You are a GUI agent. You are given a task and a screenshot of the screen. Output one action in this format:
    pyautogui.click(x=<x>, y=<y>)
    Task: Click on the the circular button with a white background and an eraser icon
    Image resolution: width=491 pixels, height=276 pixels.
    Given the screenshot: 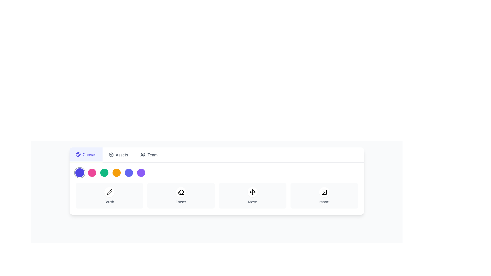 What is the action you would take?
    pyautogui.click(x=181, y=192)
    